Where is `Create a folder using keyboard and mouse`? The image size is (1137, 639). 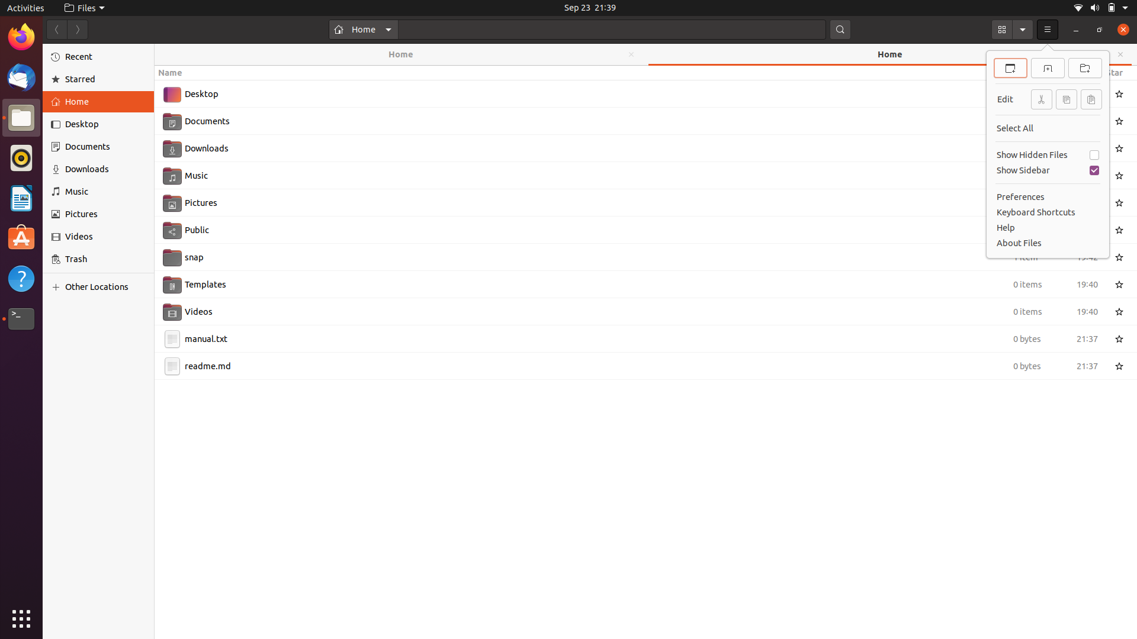
Create a folder using keyboard and mouse is located at coordinates (645, 509).